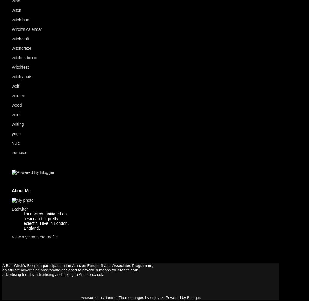 This screenshot has height=301, width=309. I want to click on 'About Me', so click(21, 190).